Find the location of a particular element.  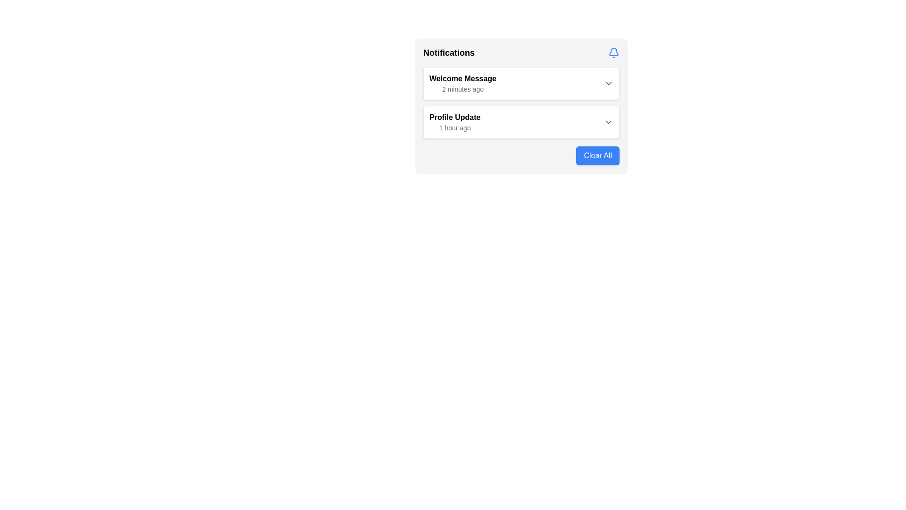

text from the label indicating the time elapsed since the 'Profile Update' notification, which is located beneath the 'Profile Update' title is located at coordinates (455, 127).